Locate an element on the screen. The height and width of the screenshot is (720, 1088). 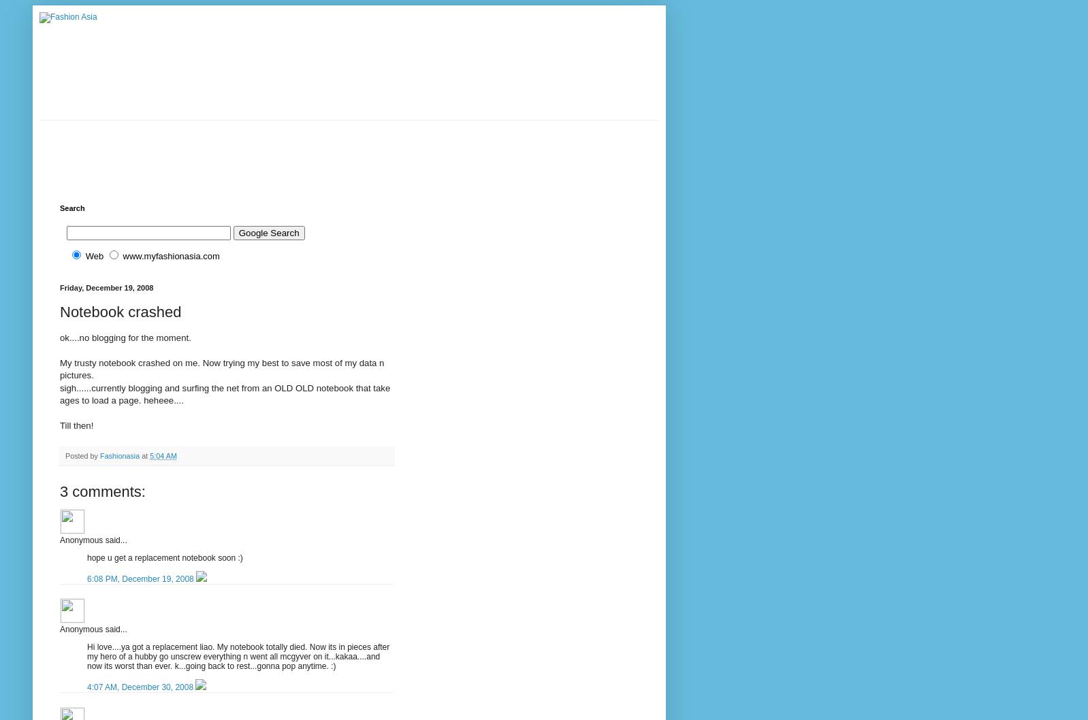
'6:08 PM, December 19, 2008' is located at coordinates (141, 577).